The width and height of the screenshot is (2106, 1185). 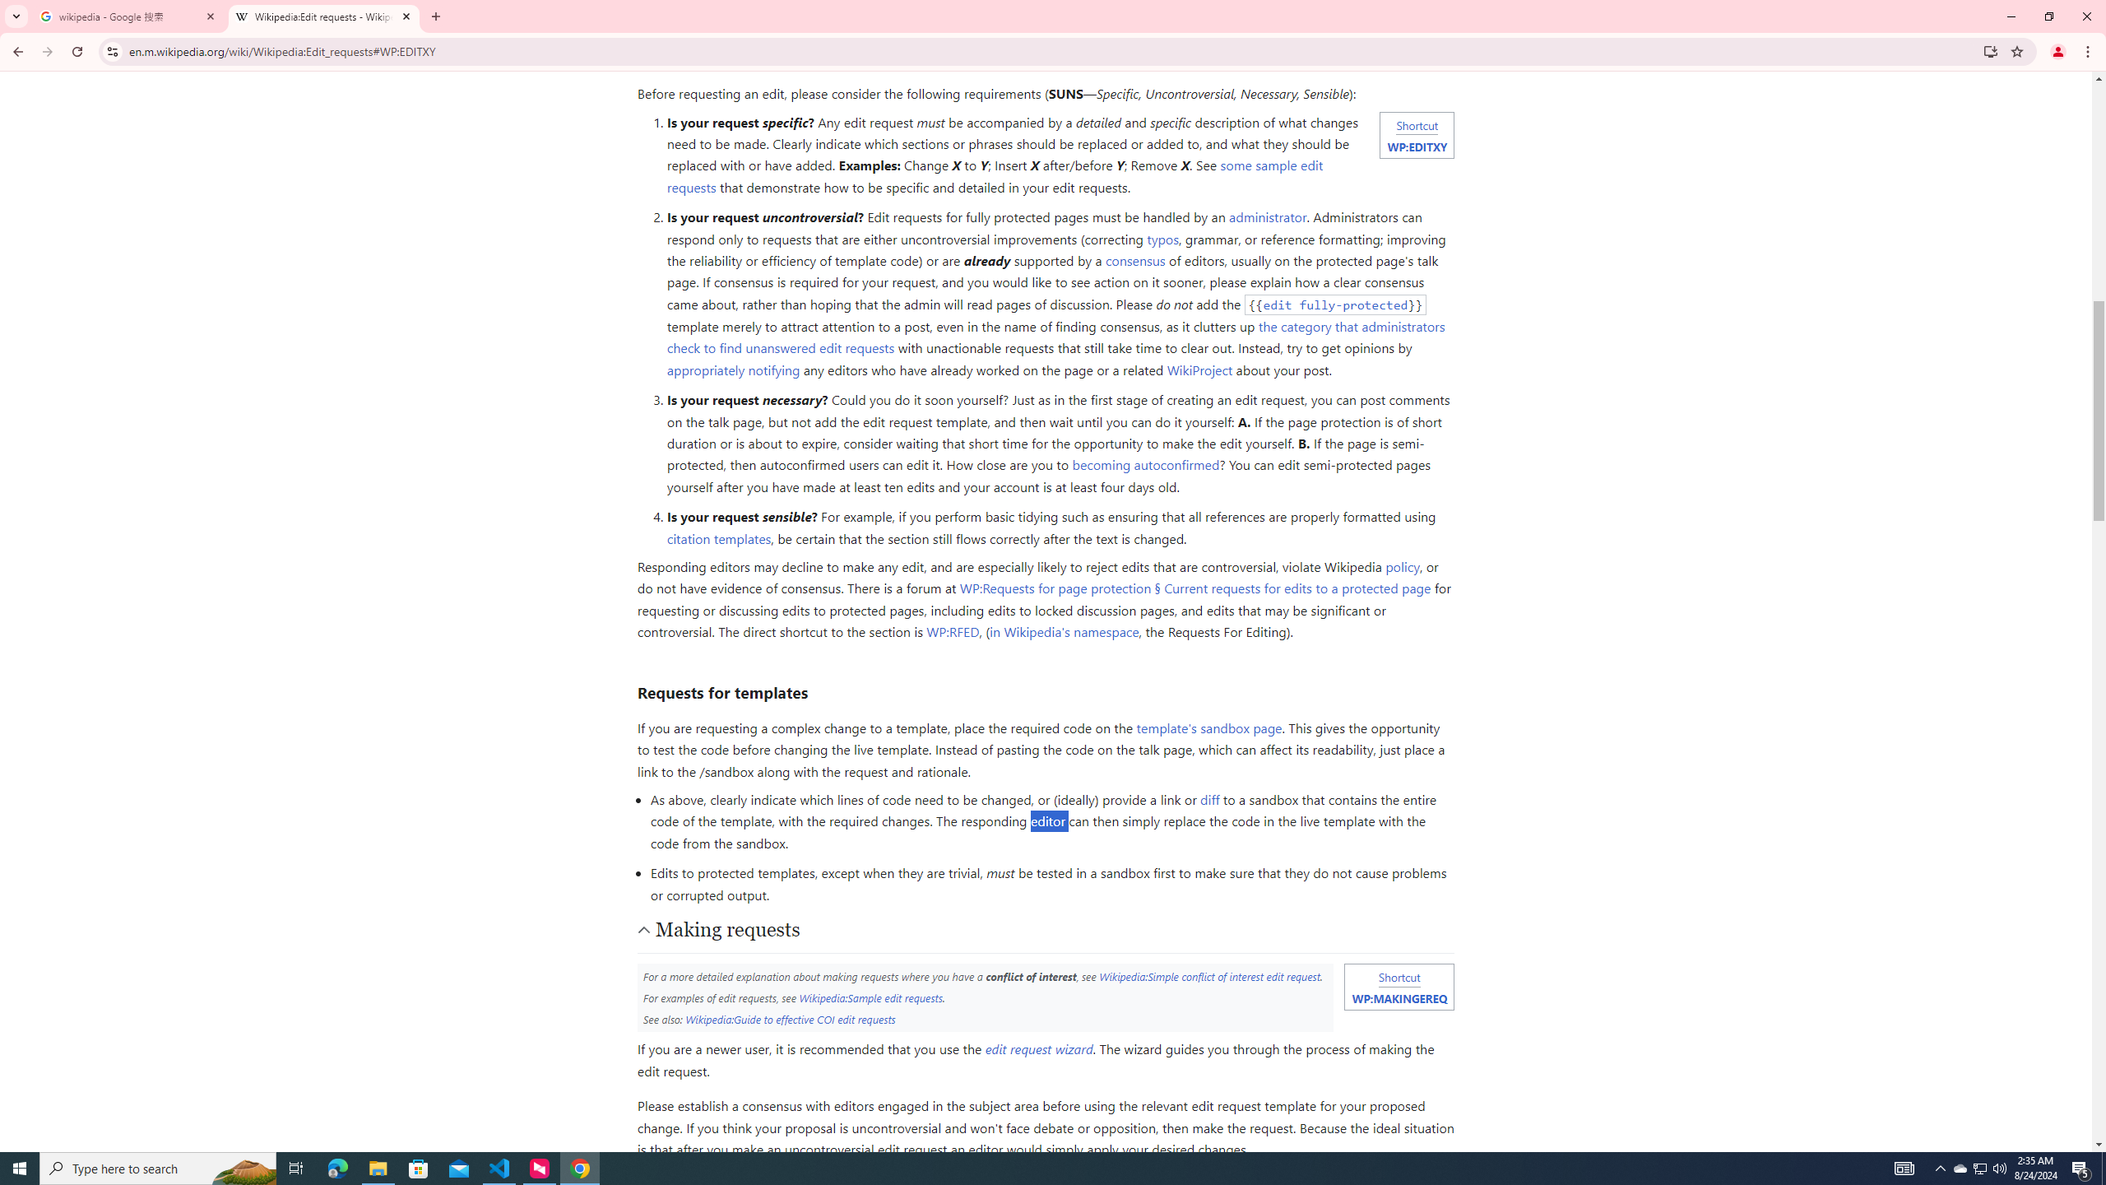 I want to click on 'Shortcut', so click(x=1399, y=977).